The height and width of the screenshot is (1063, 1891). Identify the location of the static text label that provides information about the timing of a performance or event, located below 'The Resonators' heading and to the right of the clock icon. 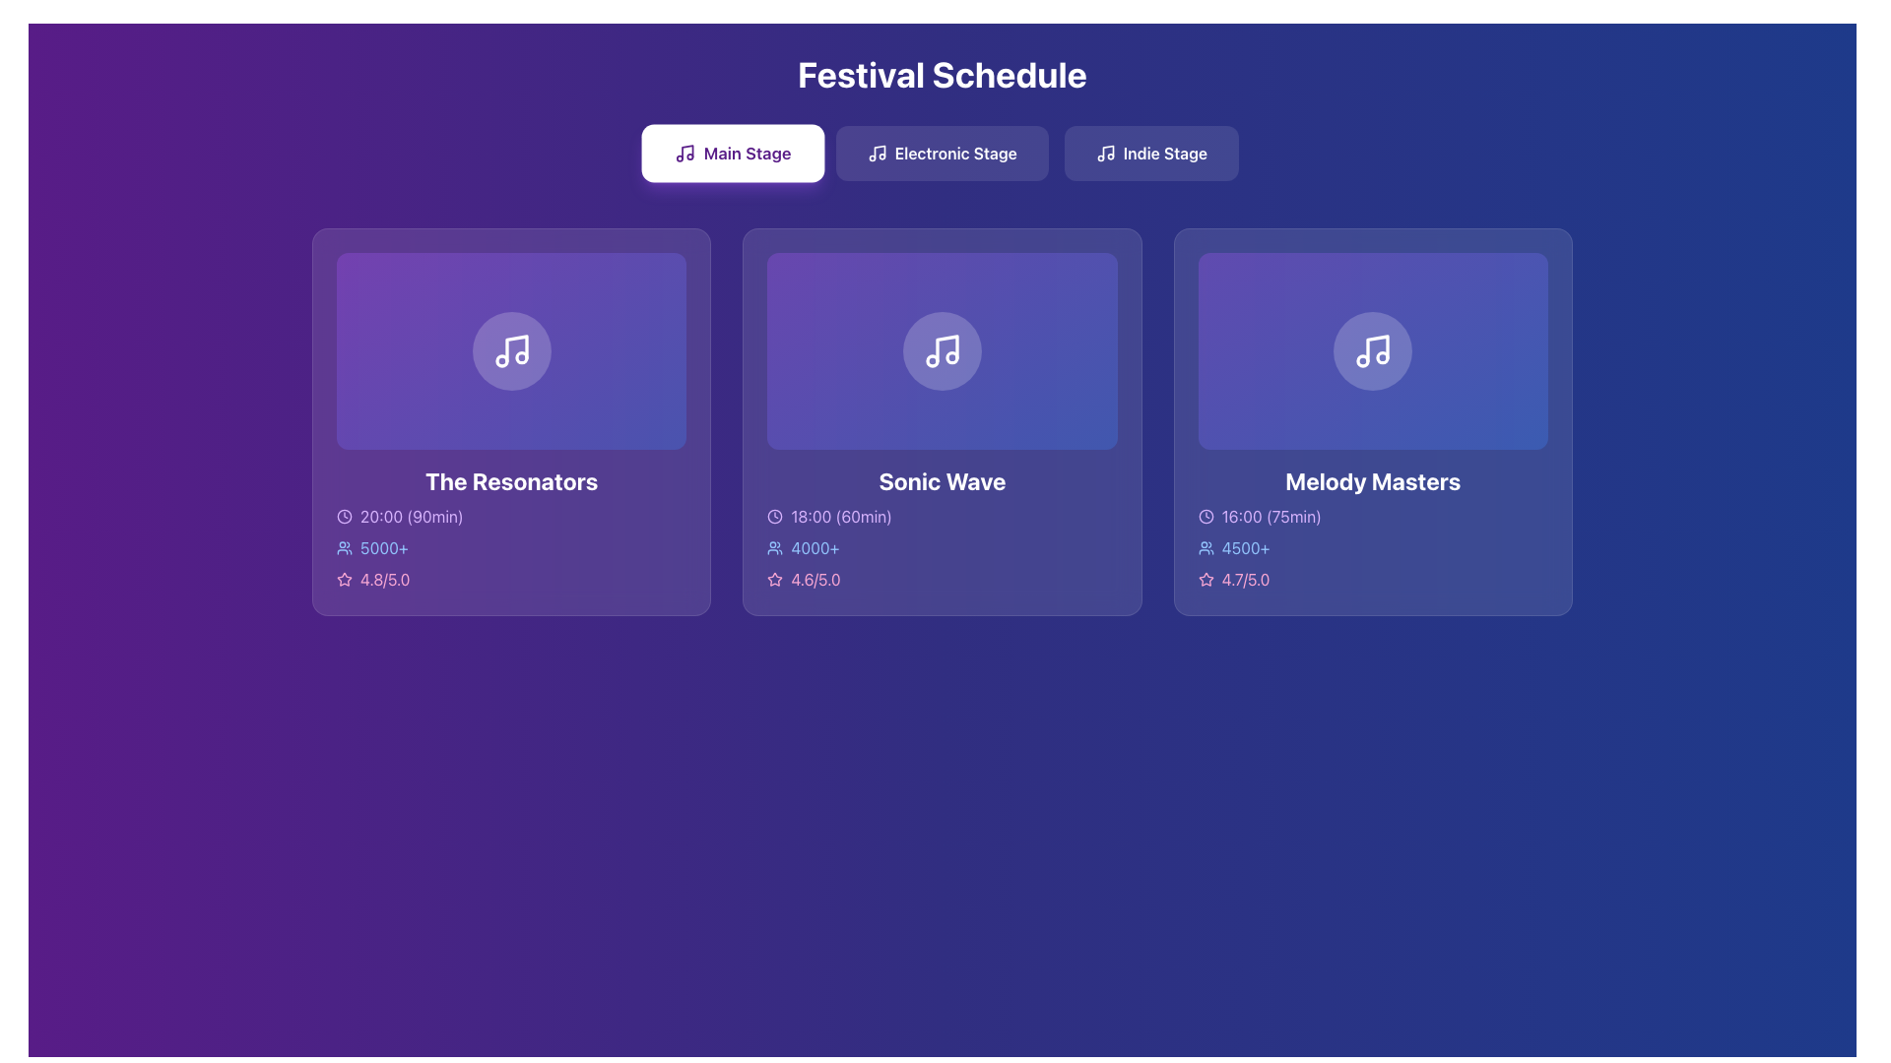
(411, 515).